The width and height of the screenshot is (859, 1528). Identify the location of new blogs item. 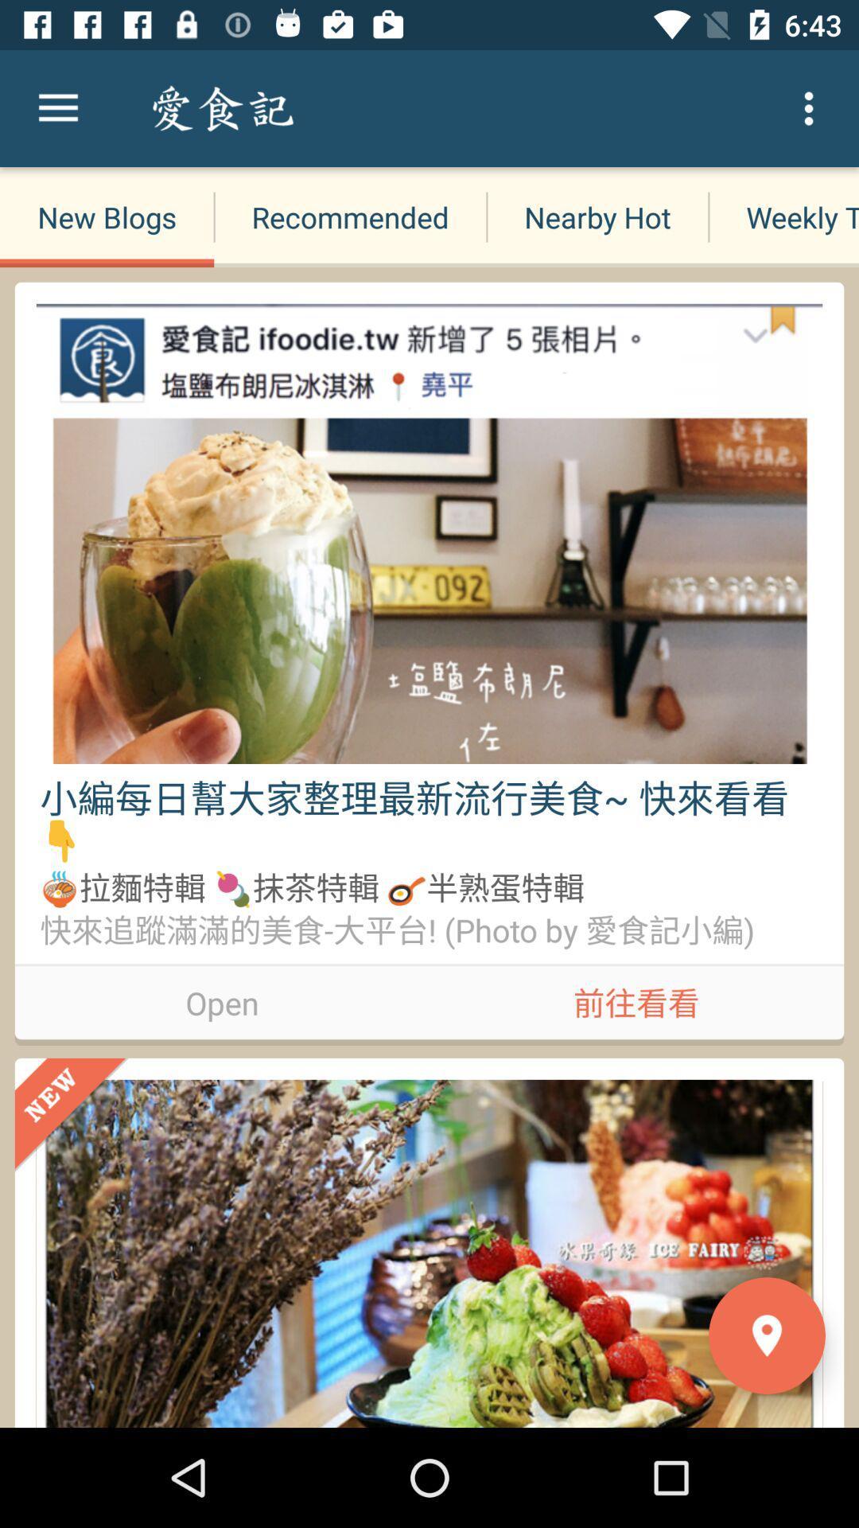
(107, 216).